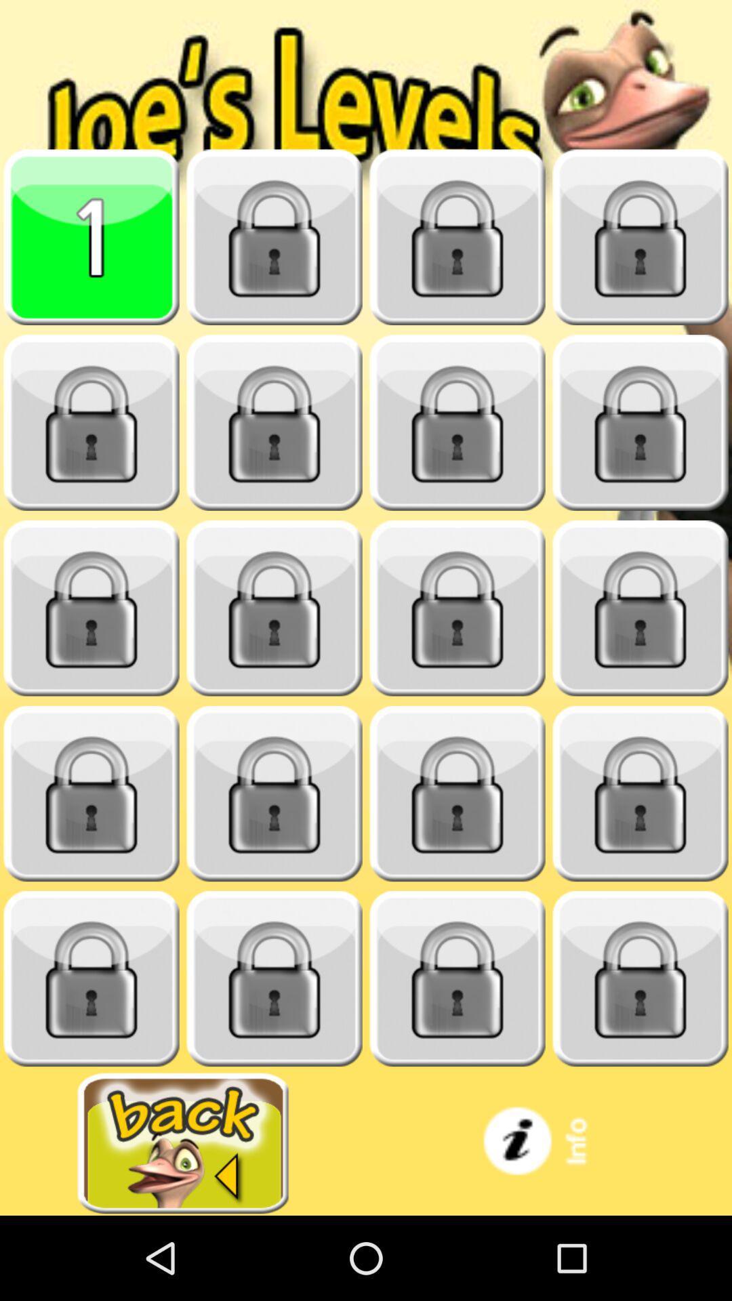 The width and height of the screenshot is (732, 1301). Describe the element at coordinates (457, 793) in the screenshot. I see `lock button` at that location.